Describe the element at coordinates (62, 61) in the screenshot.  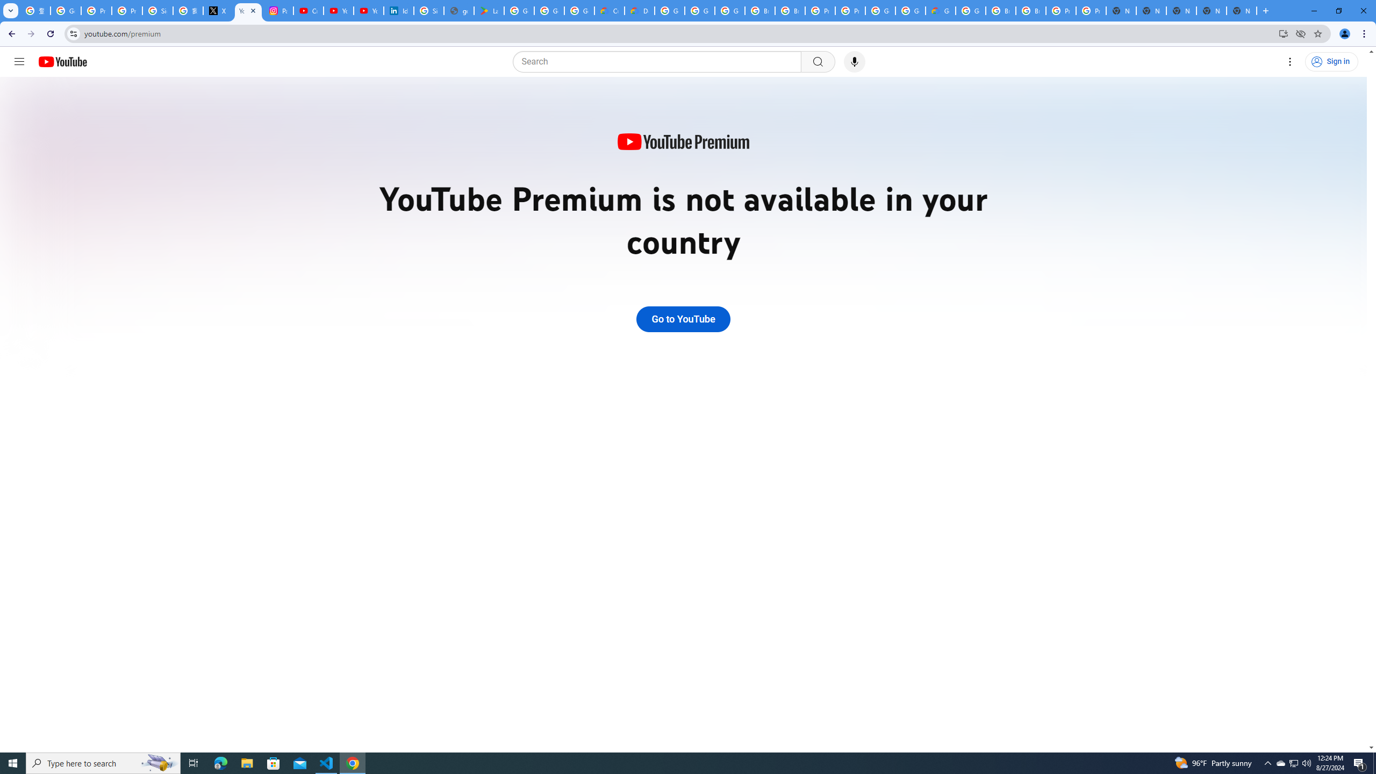
I see `'YouTube Home'` at that location.